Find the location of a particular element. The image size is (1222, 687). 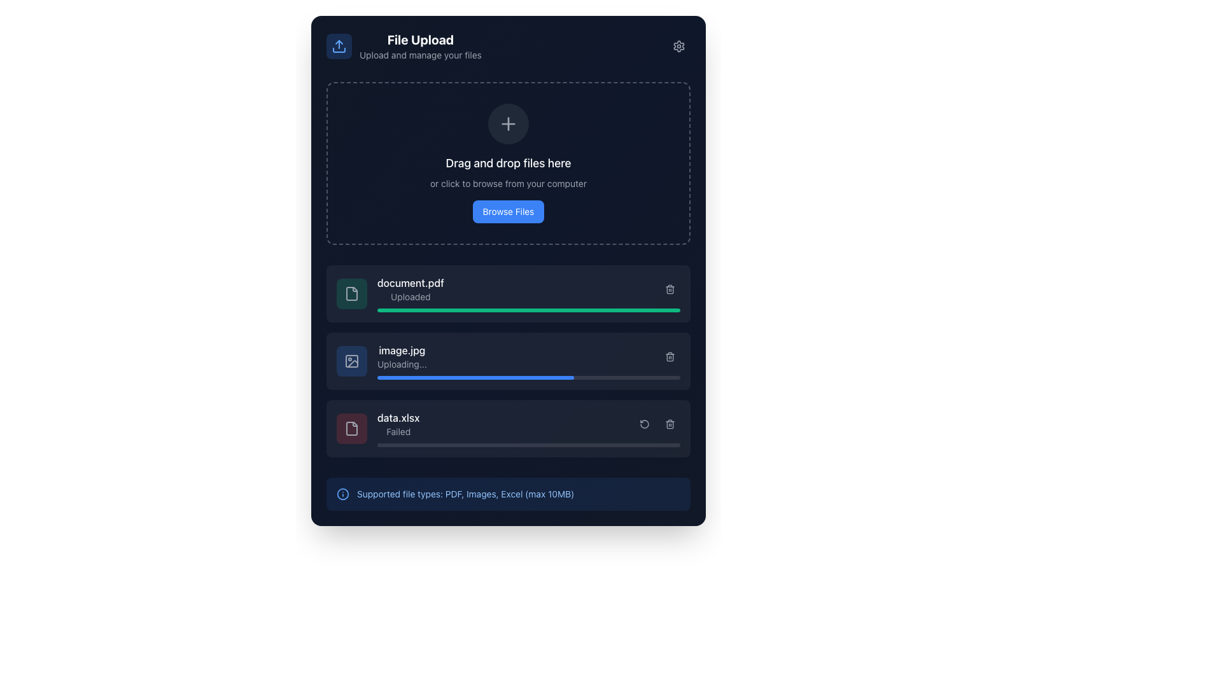

the progress is located at coordinates (638, 444).